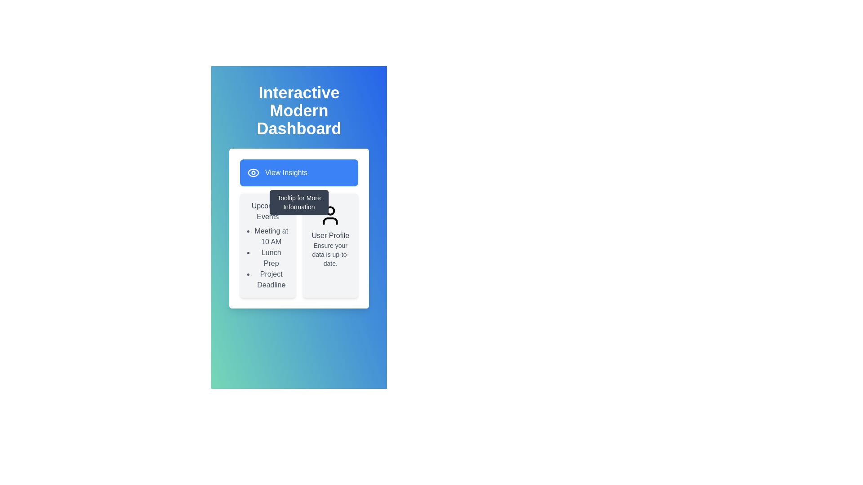 Image resolution: width=863 pixels, height=485 pixels. Describe the element at coordinates (271, 279) in the screenshot. I see `the 'Project Deadline' text label, which is the third item in the bulleted list titled 'Upcoming Events' within a card layout` at that location.